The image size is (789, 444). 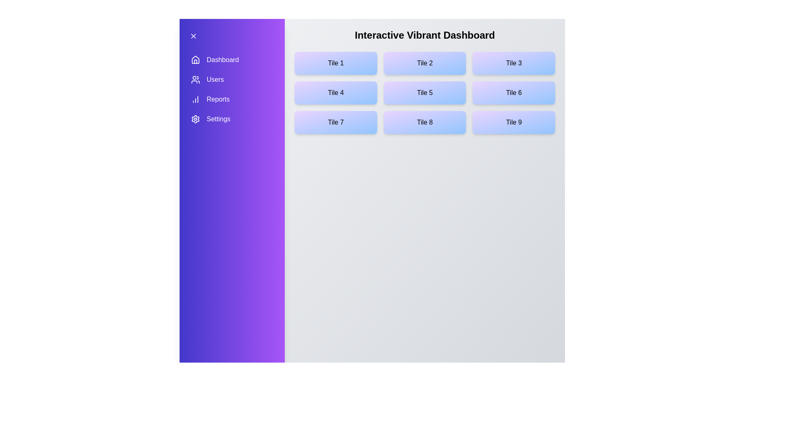 I want to click on the menu item Settings in the sidebar, so click(x=232, y=119).